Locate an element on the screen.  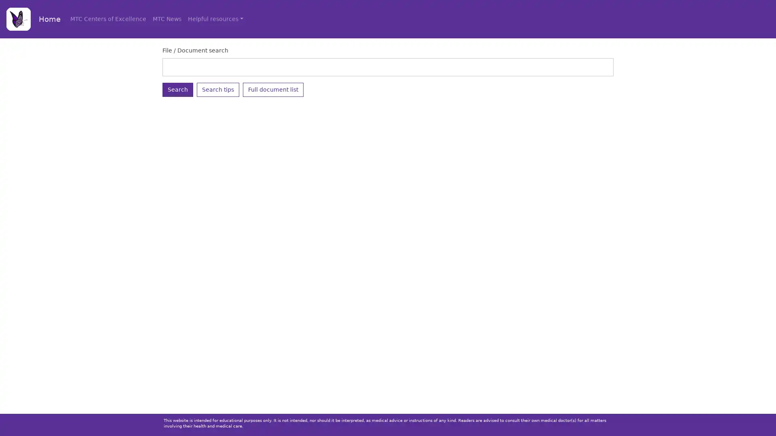
Full document list is located at coordinates (273, 89).